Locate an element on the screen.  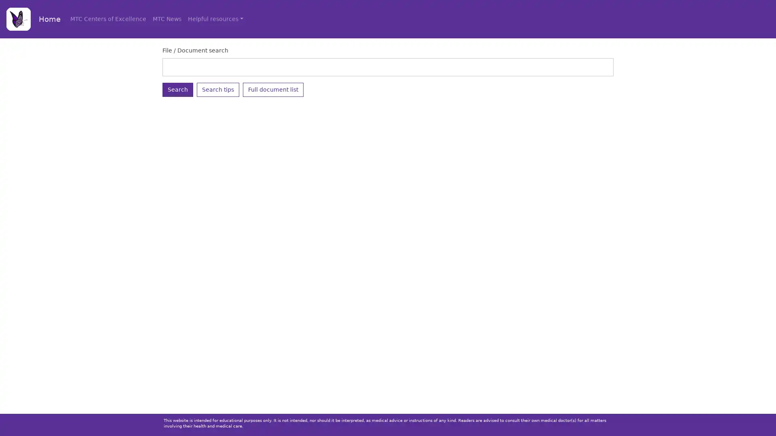
Full document list is located at coordinates (273, 89).